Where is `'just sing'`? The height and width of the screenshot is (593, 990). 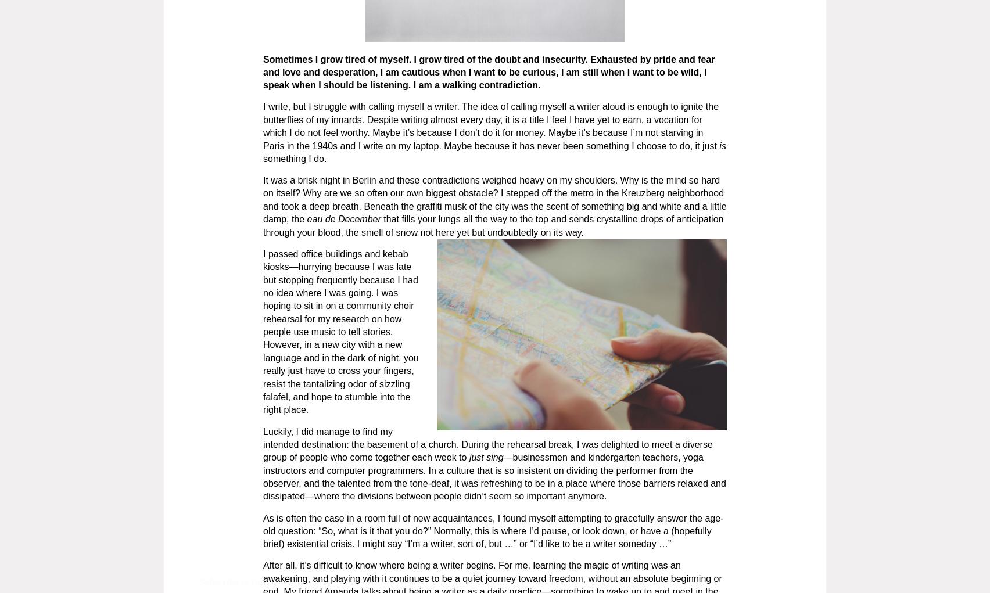 'just sing' is located at coordinates (465, 457).